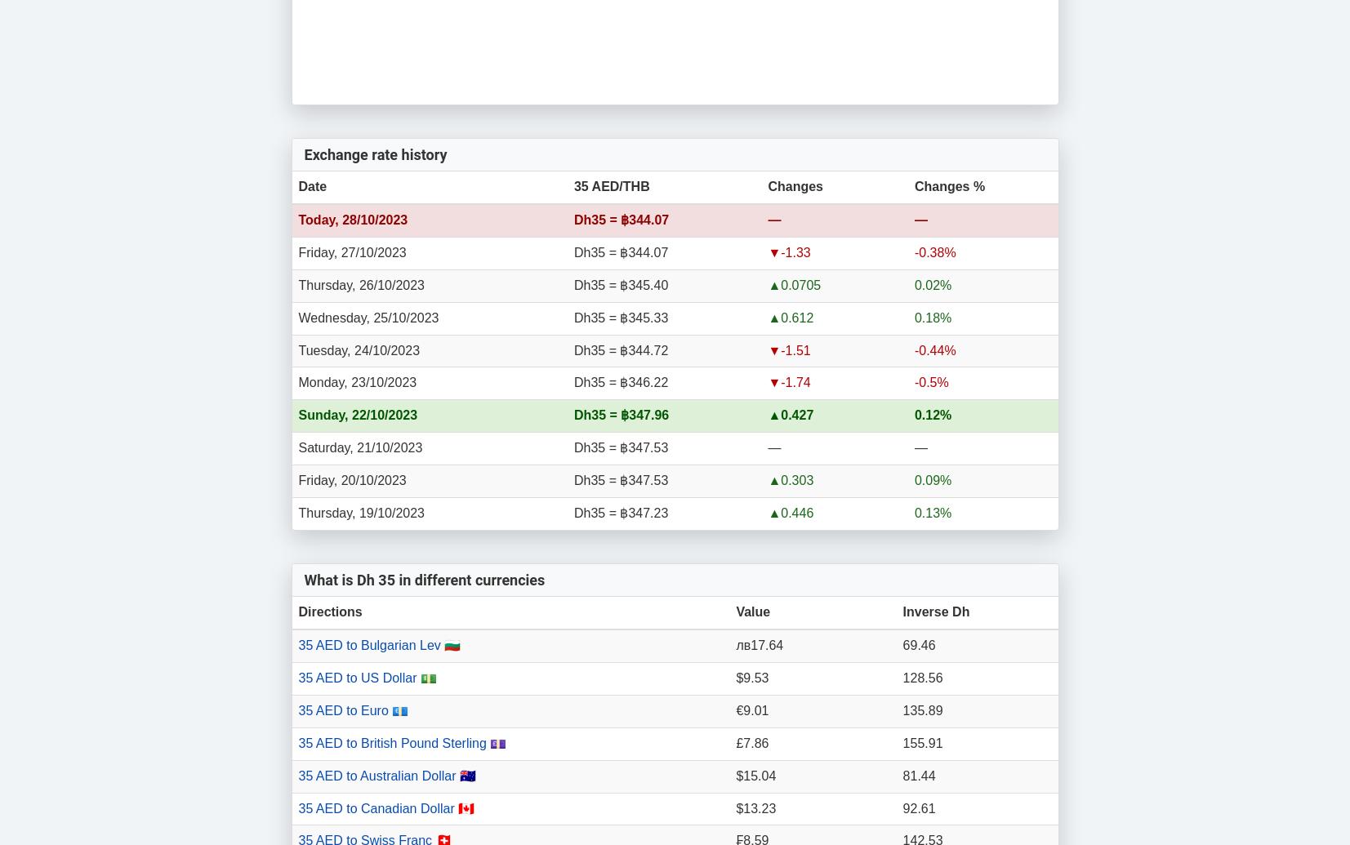 The image size is (1350, 845). Describe the element at coordinates (933, 284) in the screenshot. I see `'0.02%'` at that location.